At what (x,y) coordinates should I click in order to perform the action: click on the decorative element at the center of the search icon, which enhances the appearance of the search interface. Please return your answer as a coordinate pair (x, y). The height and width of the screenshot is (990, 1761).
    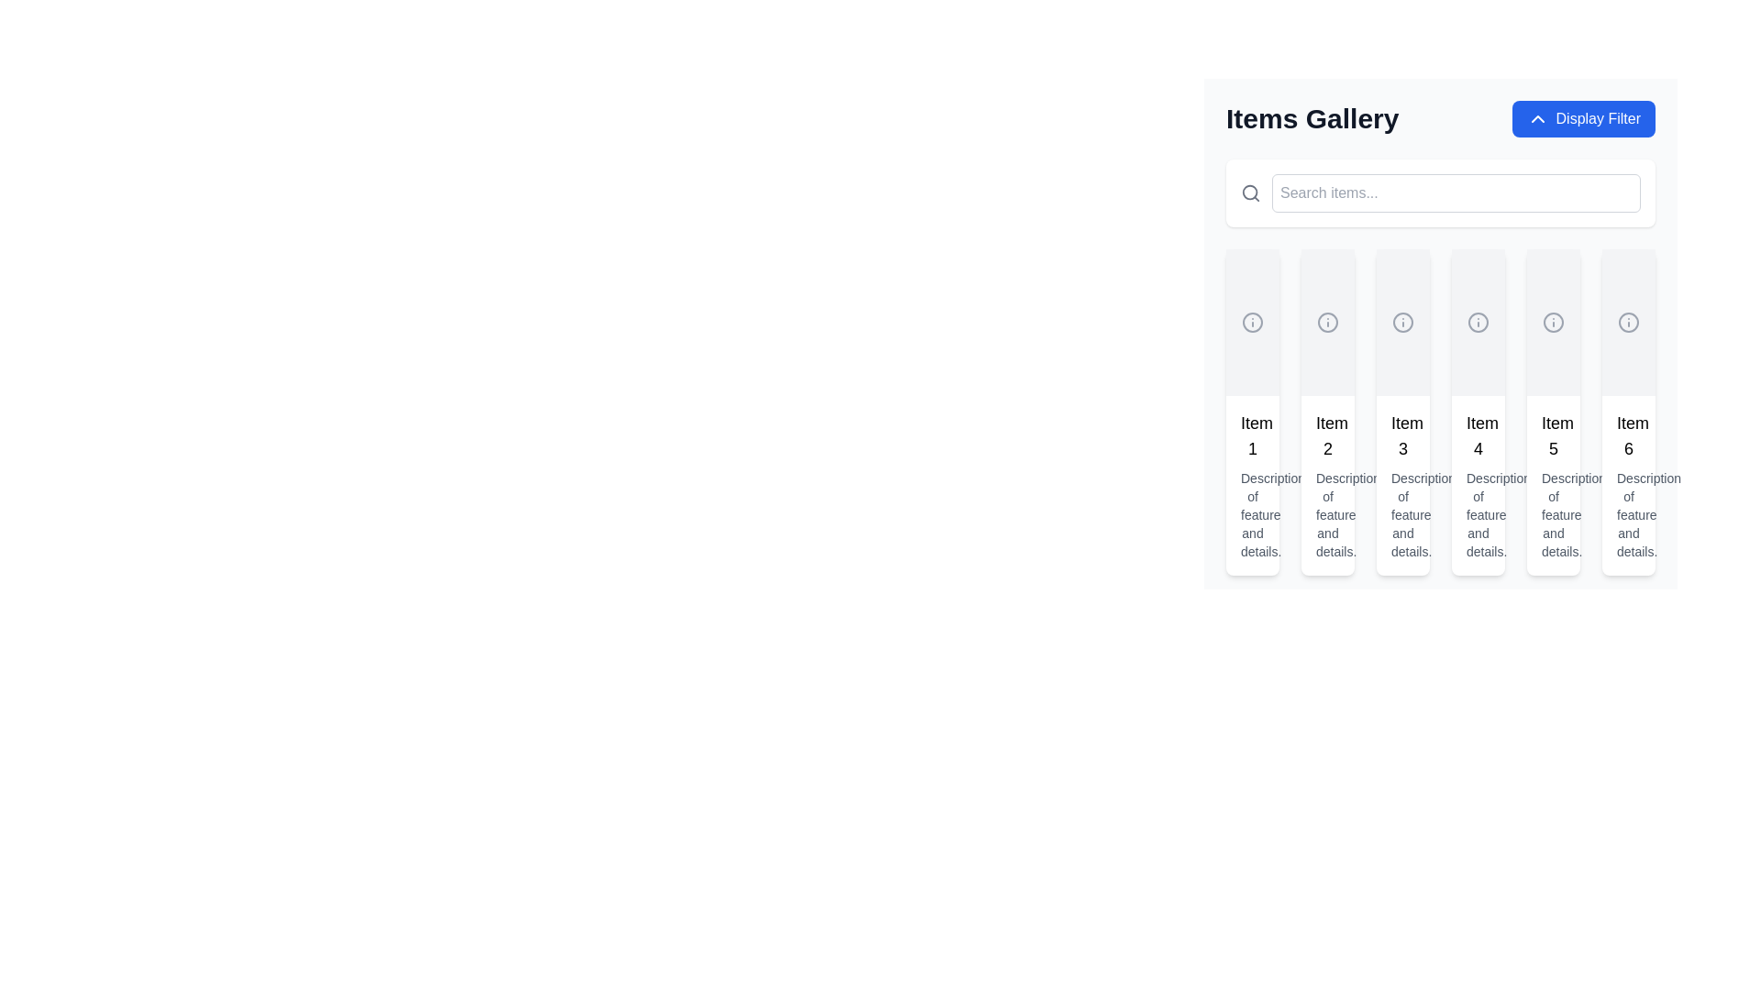
    Looking at the image, I should click on (1249, 192).